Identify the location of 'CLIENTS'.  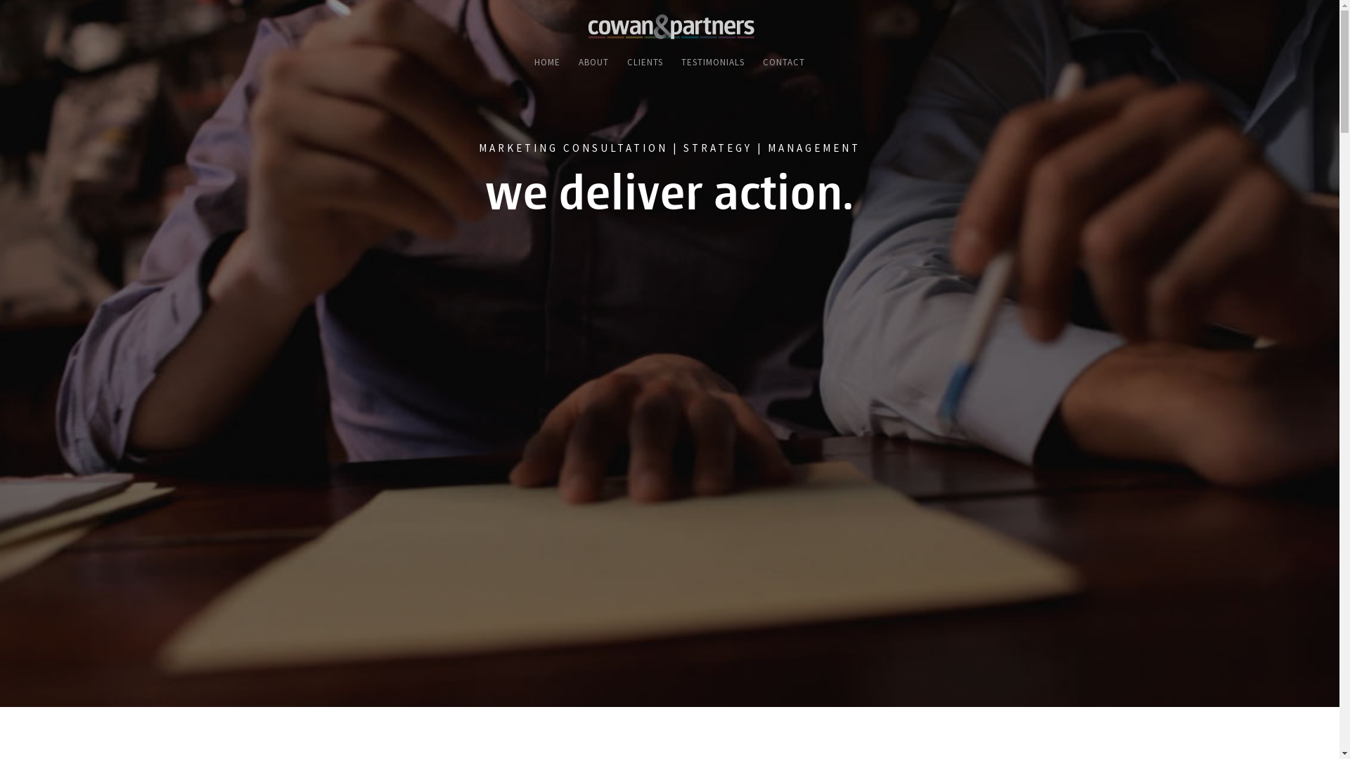
(644, 67).